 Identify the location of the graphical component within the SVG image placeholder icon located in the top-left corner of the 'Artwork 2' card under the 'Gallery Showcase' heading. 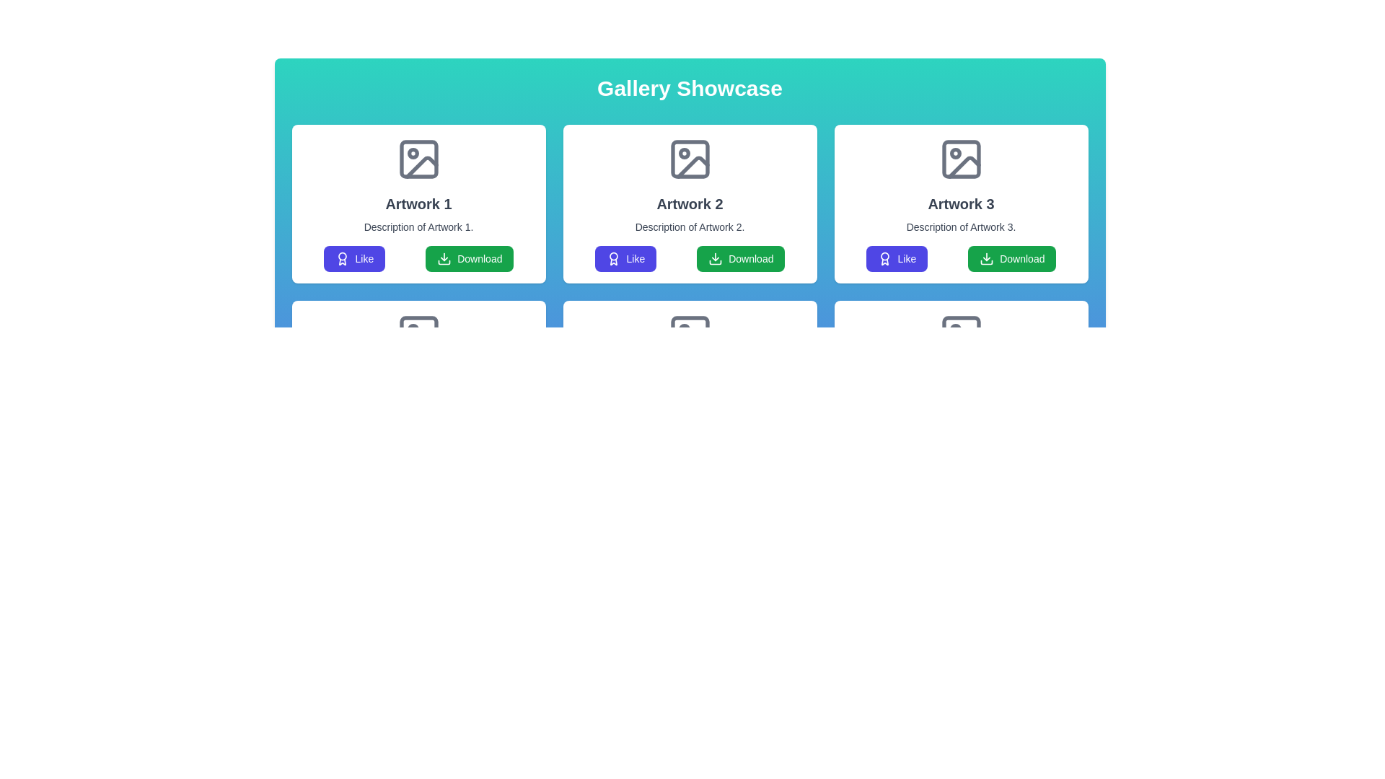
(689, 159).